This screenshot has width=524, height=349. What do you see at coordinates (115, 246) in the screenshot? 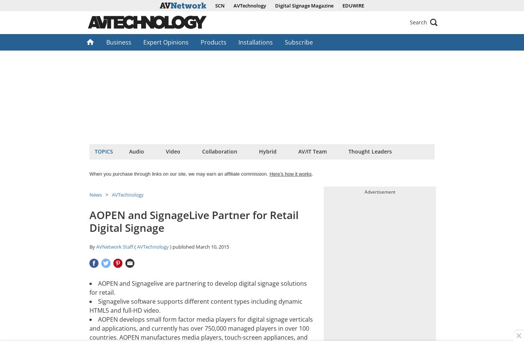
I see `'AVNetwork Staff'` at bounding box center [115, 246].